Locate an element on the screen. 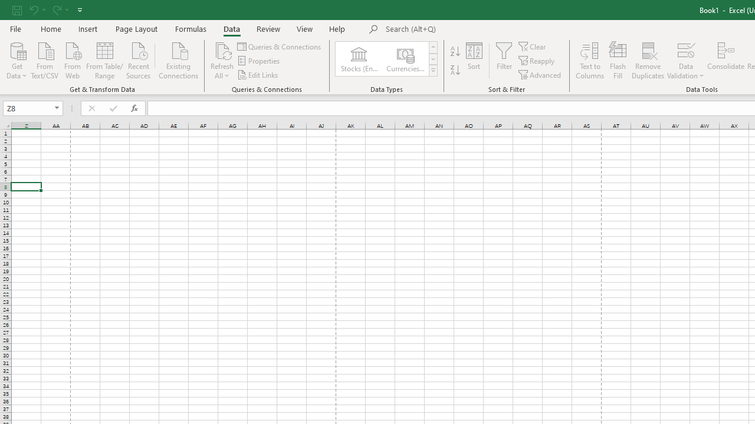  'Consolidate...' is located at coordinates (725, 61).